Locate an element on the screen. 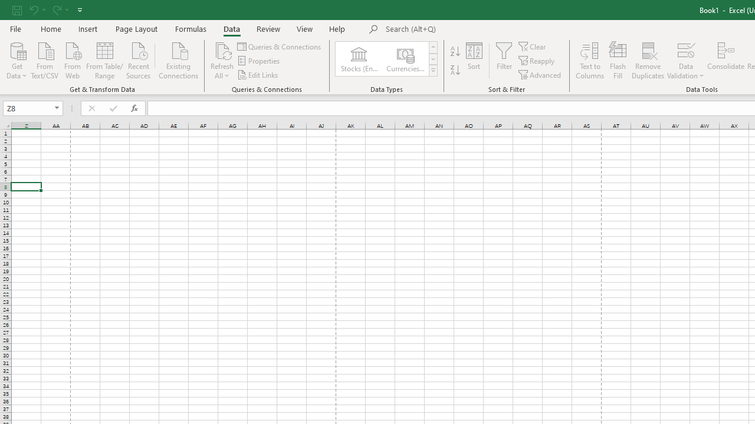  'Consolidate...' is located at coordinates (725, 61).